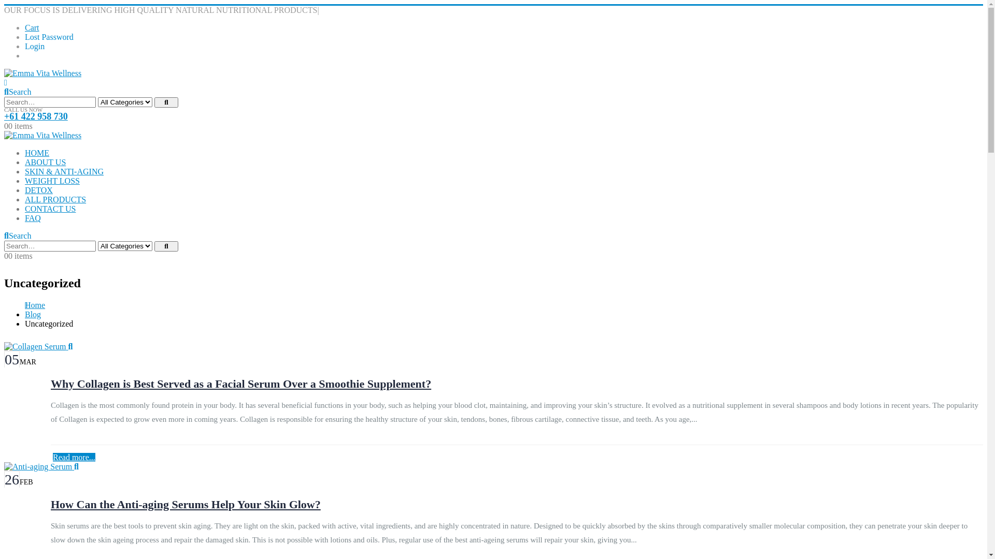 Image resolution: width=995 pixels, height=559 pixels. What do you see at coordinates (42, 72) in the screenshot?
I see `'Emma Vita Wellness - Emma Vita Pvt. Ltd.'` at bounding box center [42, 72].